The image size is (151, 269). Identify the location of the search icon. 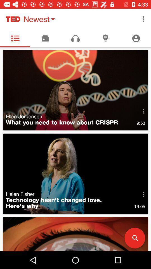
(135, 238).